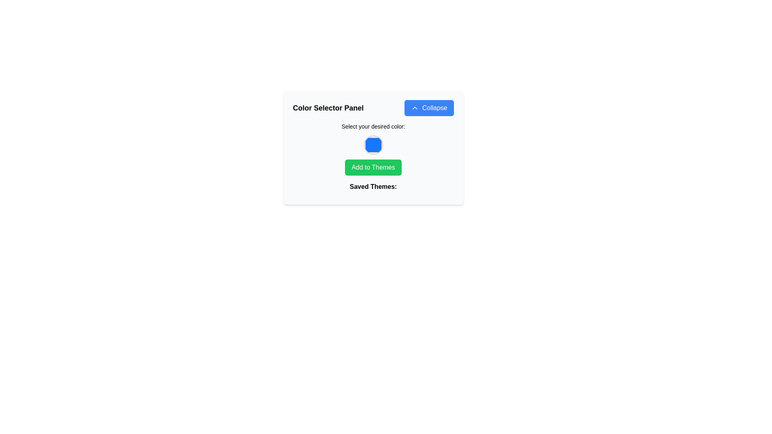 The image size is (772, 434). What do you see at coordinates (373, 145) in the screenshot?
I see `the circular color selection button with a blue interior and gray border` at bounding box center [373, 145].